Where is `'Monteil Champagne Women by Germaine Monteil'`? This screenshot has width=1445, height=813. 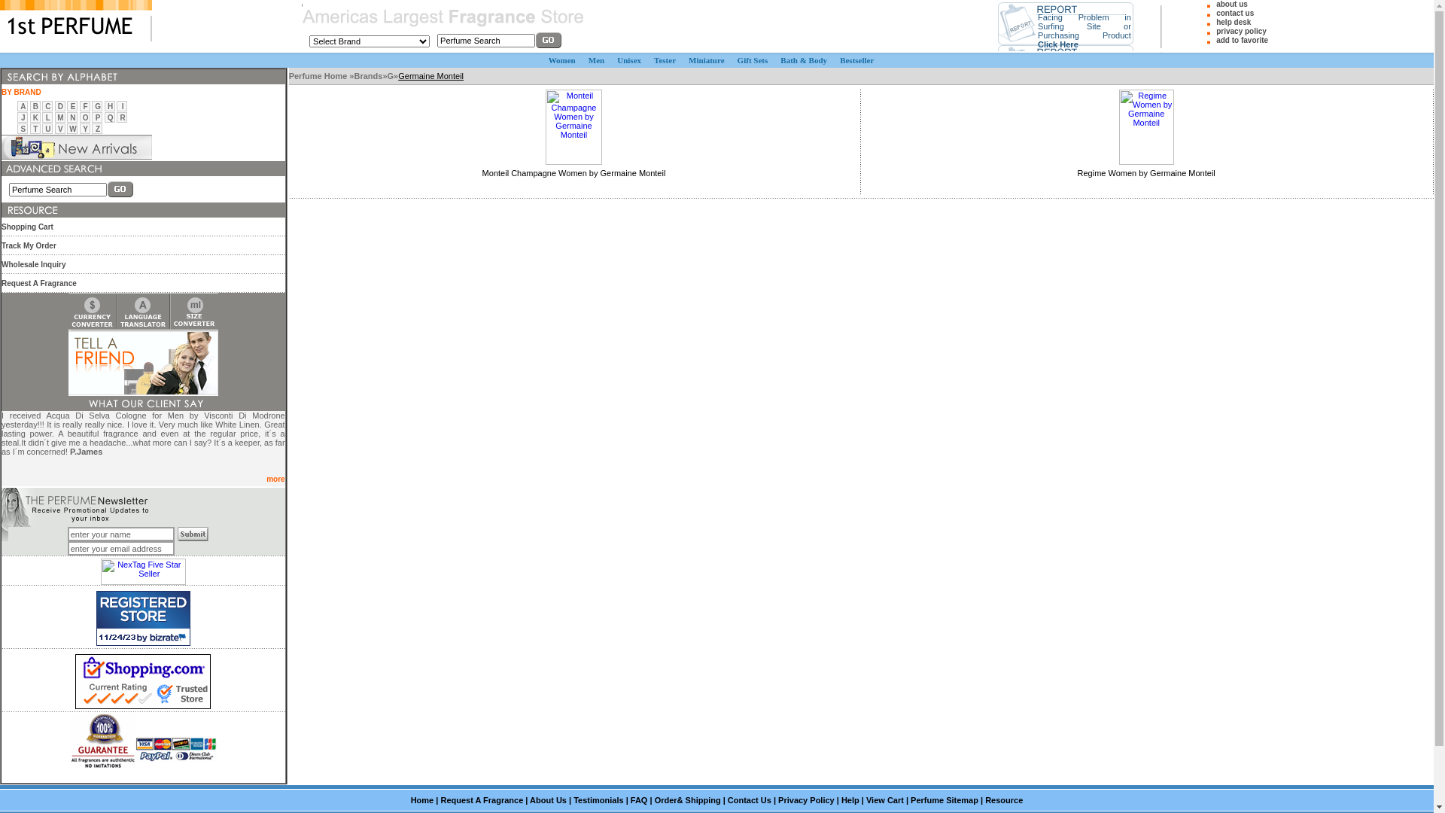
'Monteil Champagne Women by Germaine Monteil' is located at coordinates (573, 172).